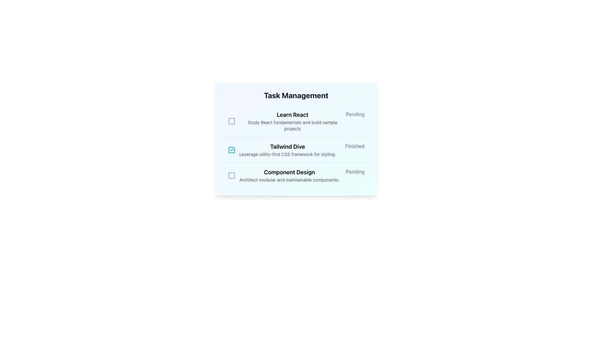 Image resolution: width=607 pixels, height=341 pixels. I want to click on text content of the task item labeled 'Component Design' in the task management interface, positioned as the third item in the list, so click(289, 175).